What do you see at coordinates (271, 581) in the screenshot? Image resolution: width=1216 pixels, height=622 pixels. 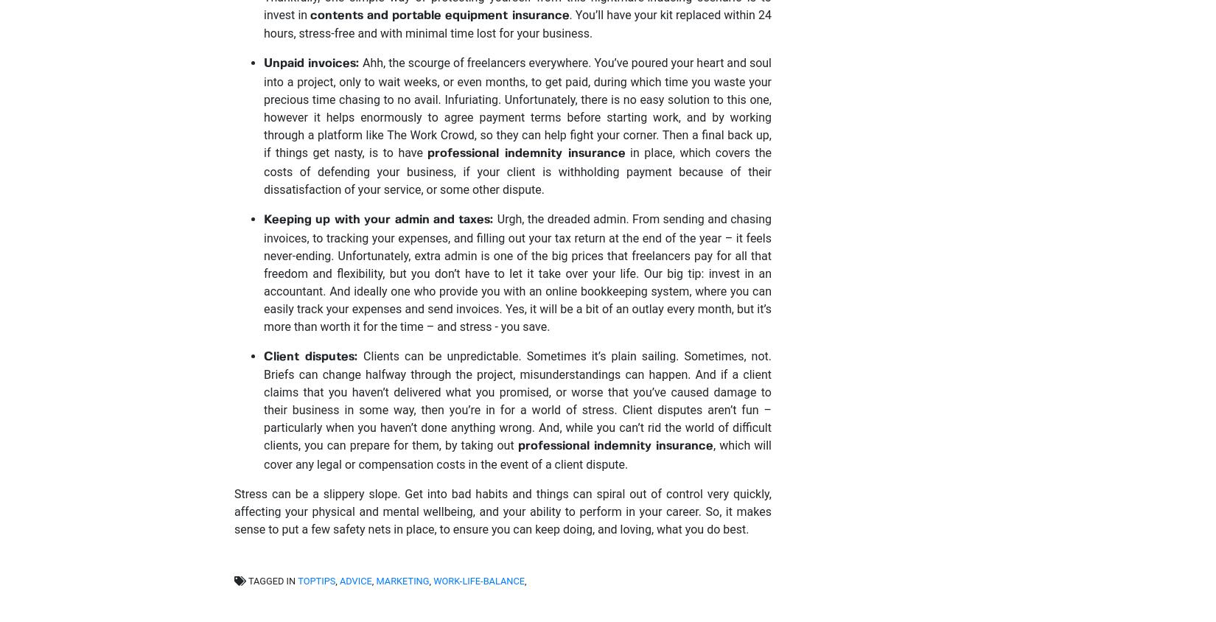 I see `'Tagged in'` at bounding box center [271, 581].